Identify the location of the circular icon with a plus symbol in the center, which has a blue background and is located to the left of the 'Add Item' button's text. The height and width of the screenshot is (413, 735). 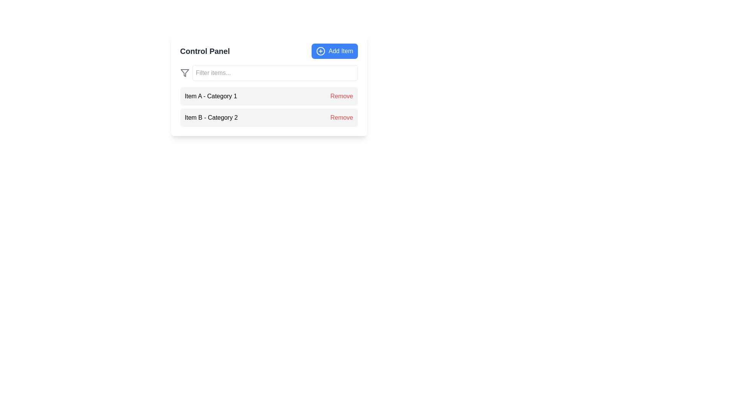
(321, 51).